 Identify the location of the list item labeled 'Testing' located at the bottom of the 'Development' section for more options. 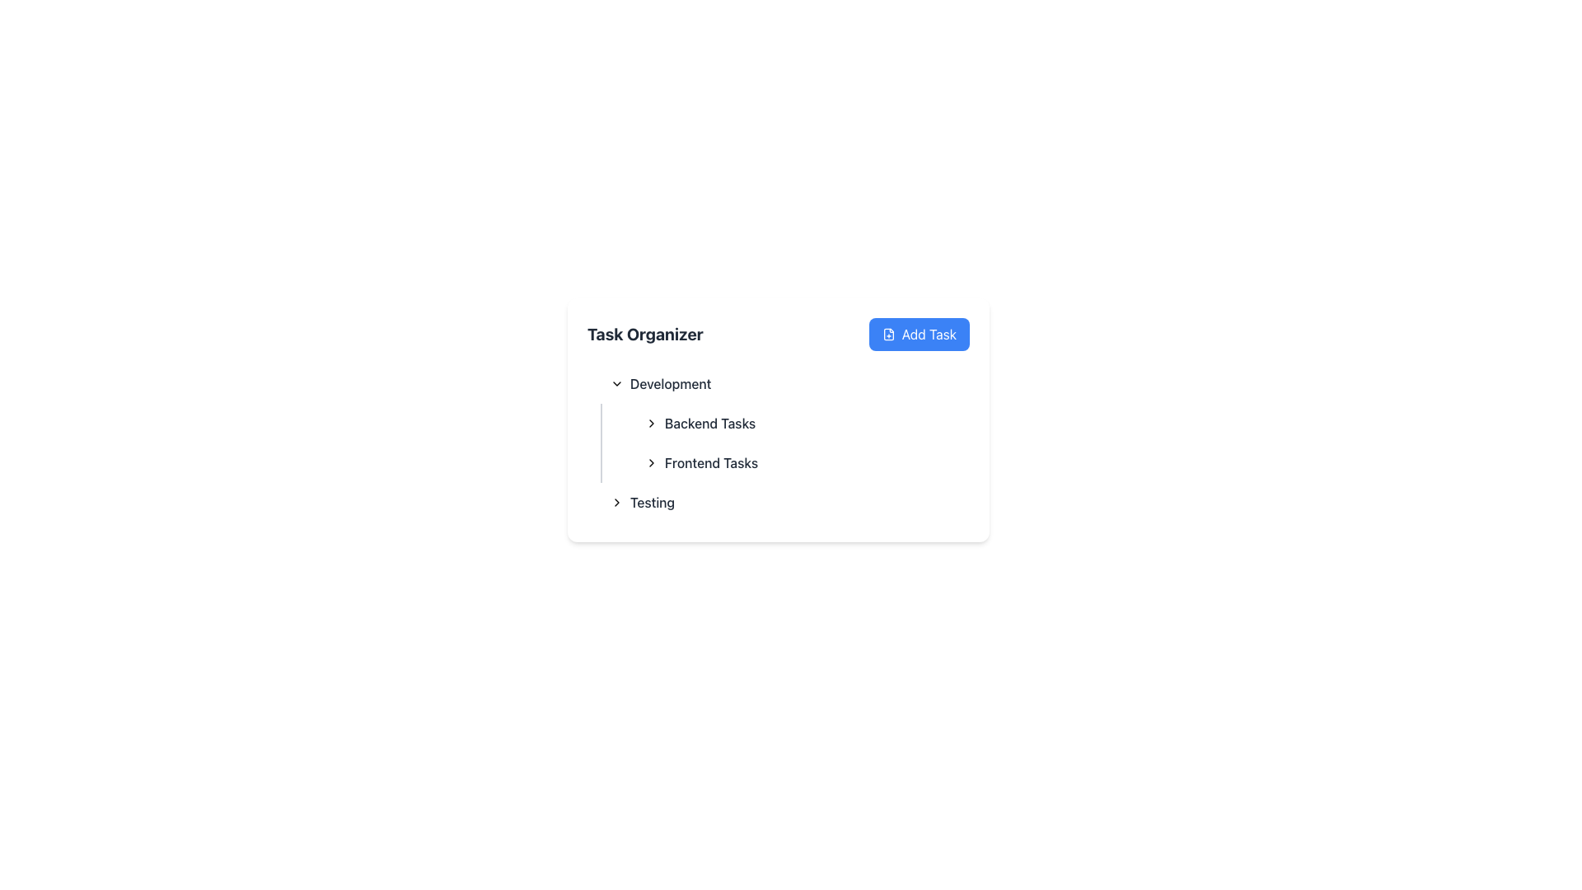
(778, 501).